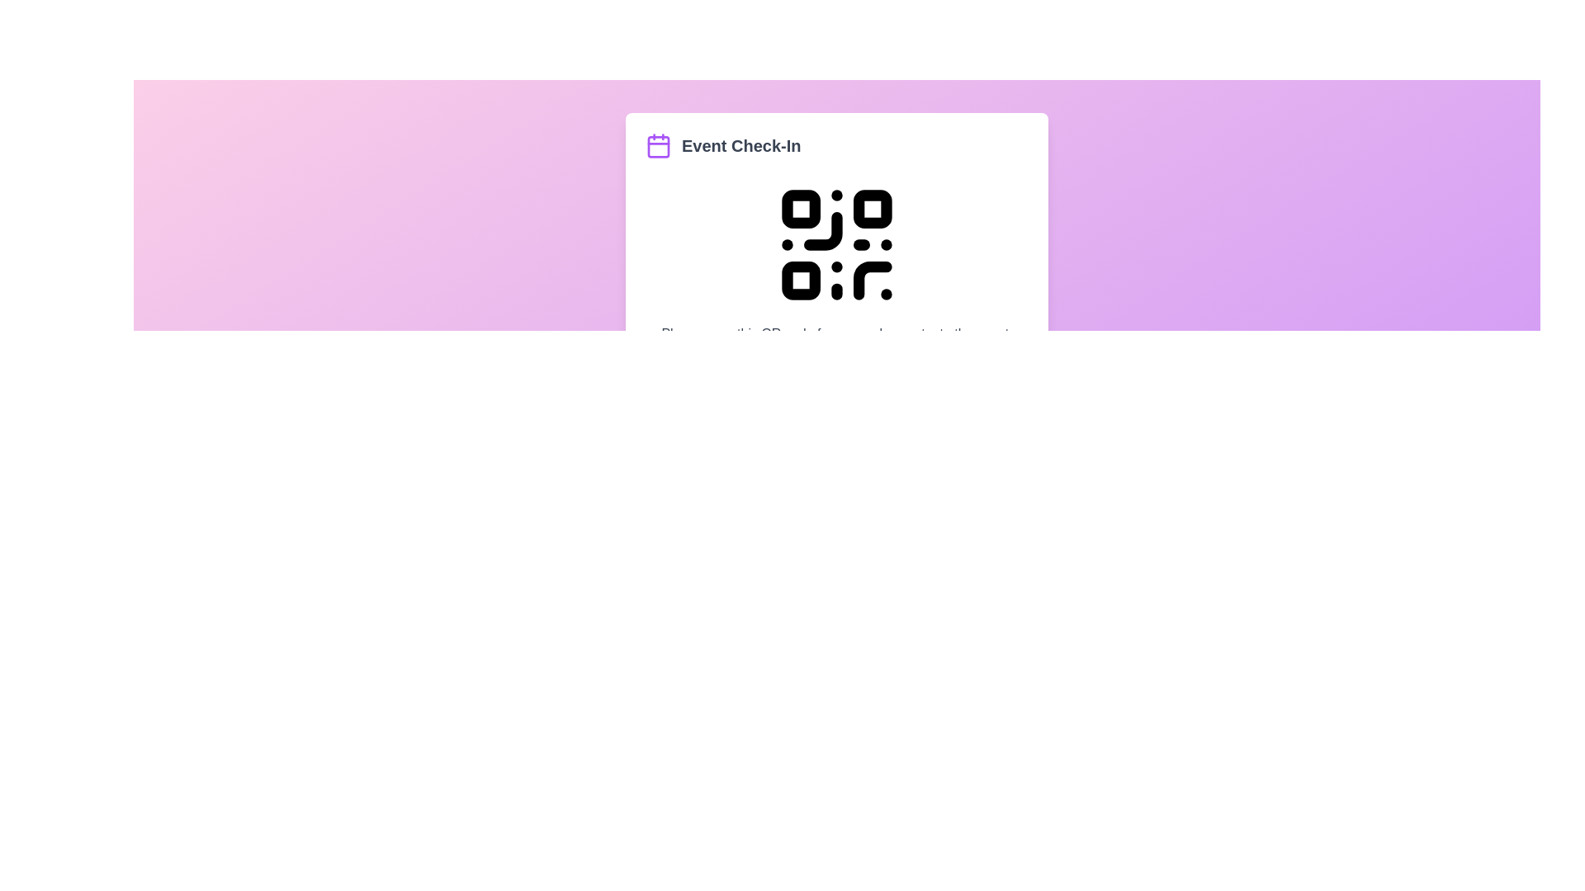 This screenshot has height=891, width=1585. What do you see at coordinates (836, 145) in the screenshot?
I see `the header element that contains a calendar icon and provides context for the section's content` at bounding box center [836, 145].